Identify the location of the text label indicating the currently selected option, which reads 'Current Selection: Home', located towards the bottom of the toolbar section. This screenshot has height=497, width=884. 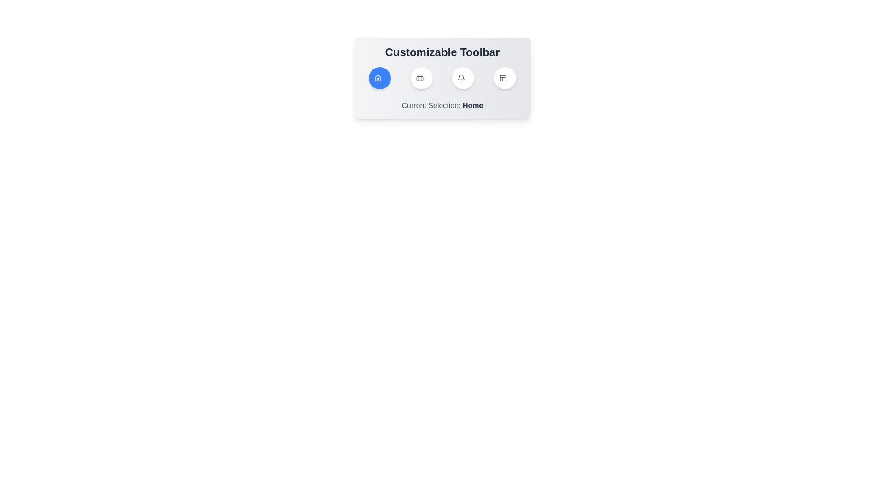
(473, 105).